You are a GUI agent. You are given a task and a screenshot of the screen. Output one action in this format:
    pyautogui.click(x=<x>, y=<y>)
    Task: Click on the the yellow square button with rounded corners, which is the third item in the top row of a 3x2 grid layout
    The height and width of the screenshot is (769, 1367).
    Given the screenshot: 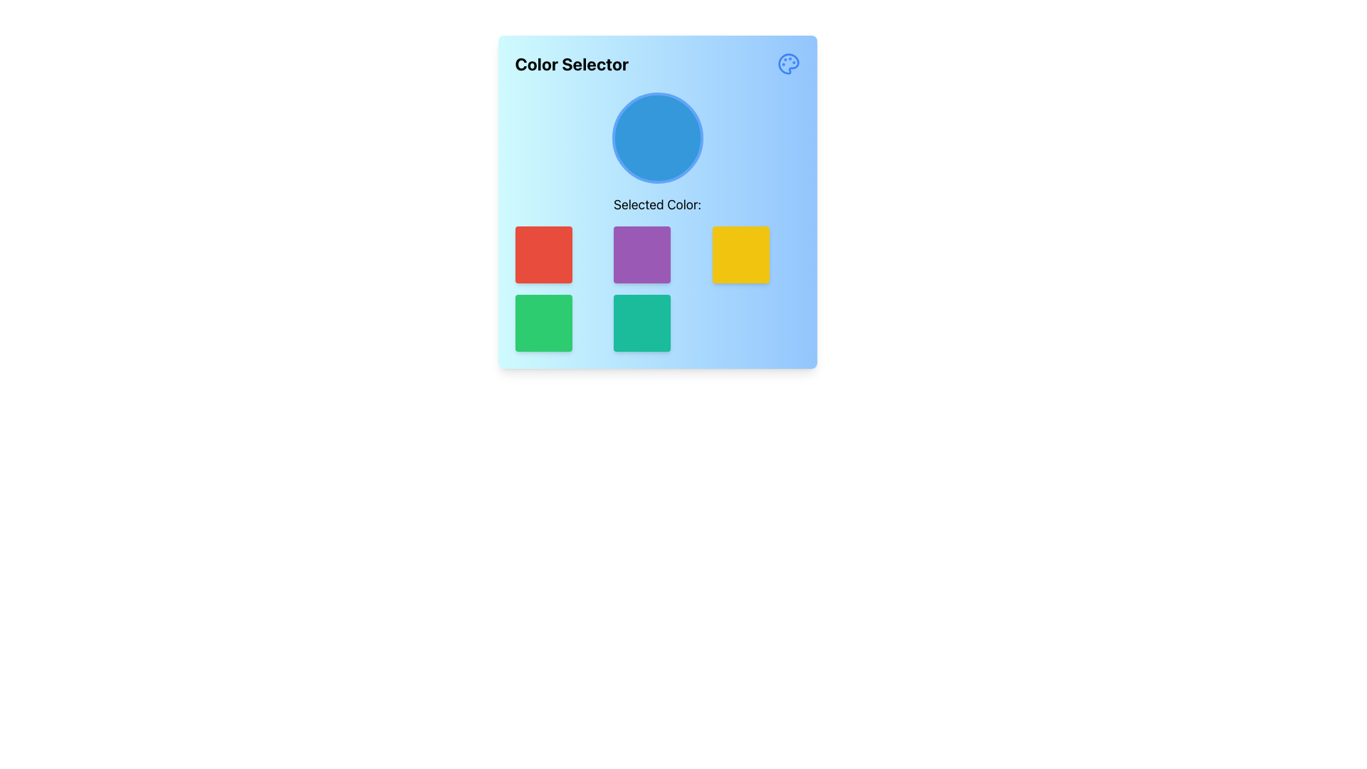 What is the action you would take?
    pyautogui.click(x=755, y=254)
    